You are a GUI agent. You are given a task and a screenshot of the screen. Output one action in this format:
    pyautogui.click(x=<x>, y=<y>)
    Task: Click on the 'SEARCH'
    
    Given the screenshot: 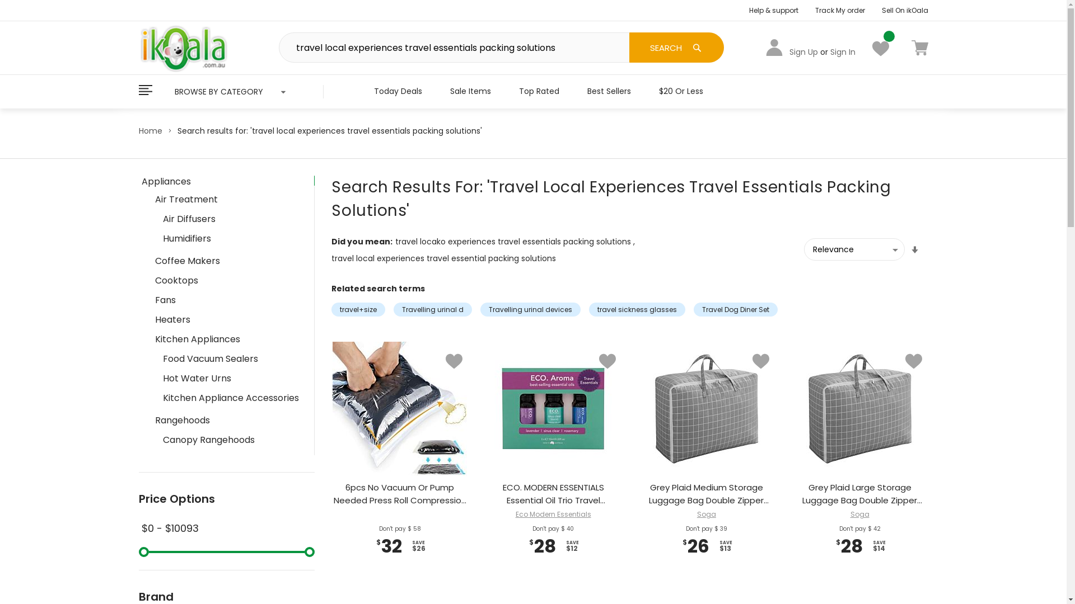 What is the action you would take?
    pyautogui.click(x=676, y=46)
    